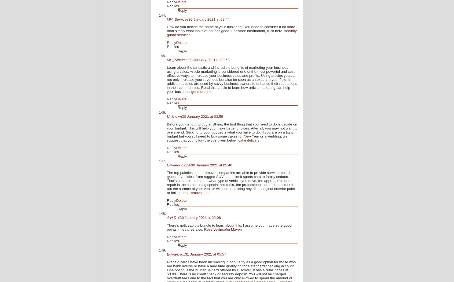 This screenshot has width=454, height=282. I want to click on '30 January 2021 at 02:44', so click(209, 19).